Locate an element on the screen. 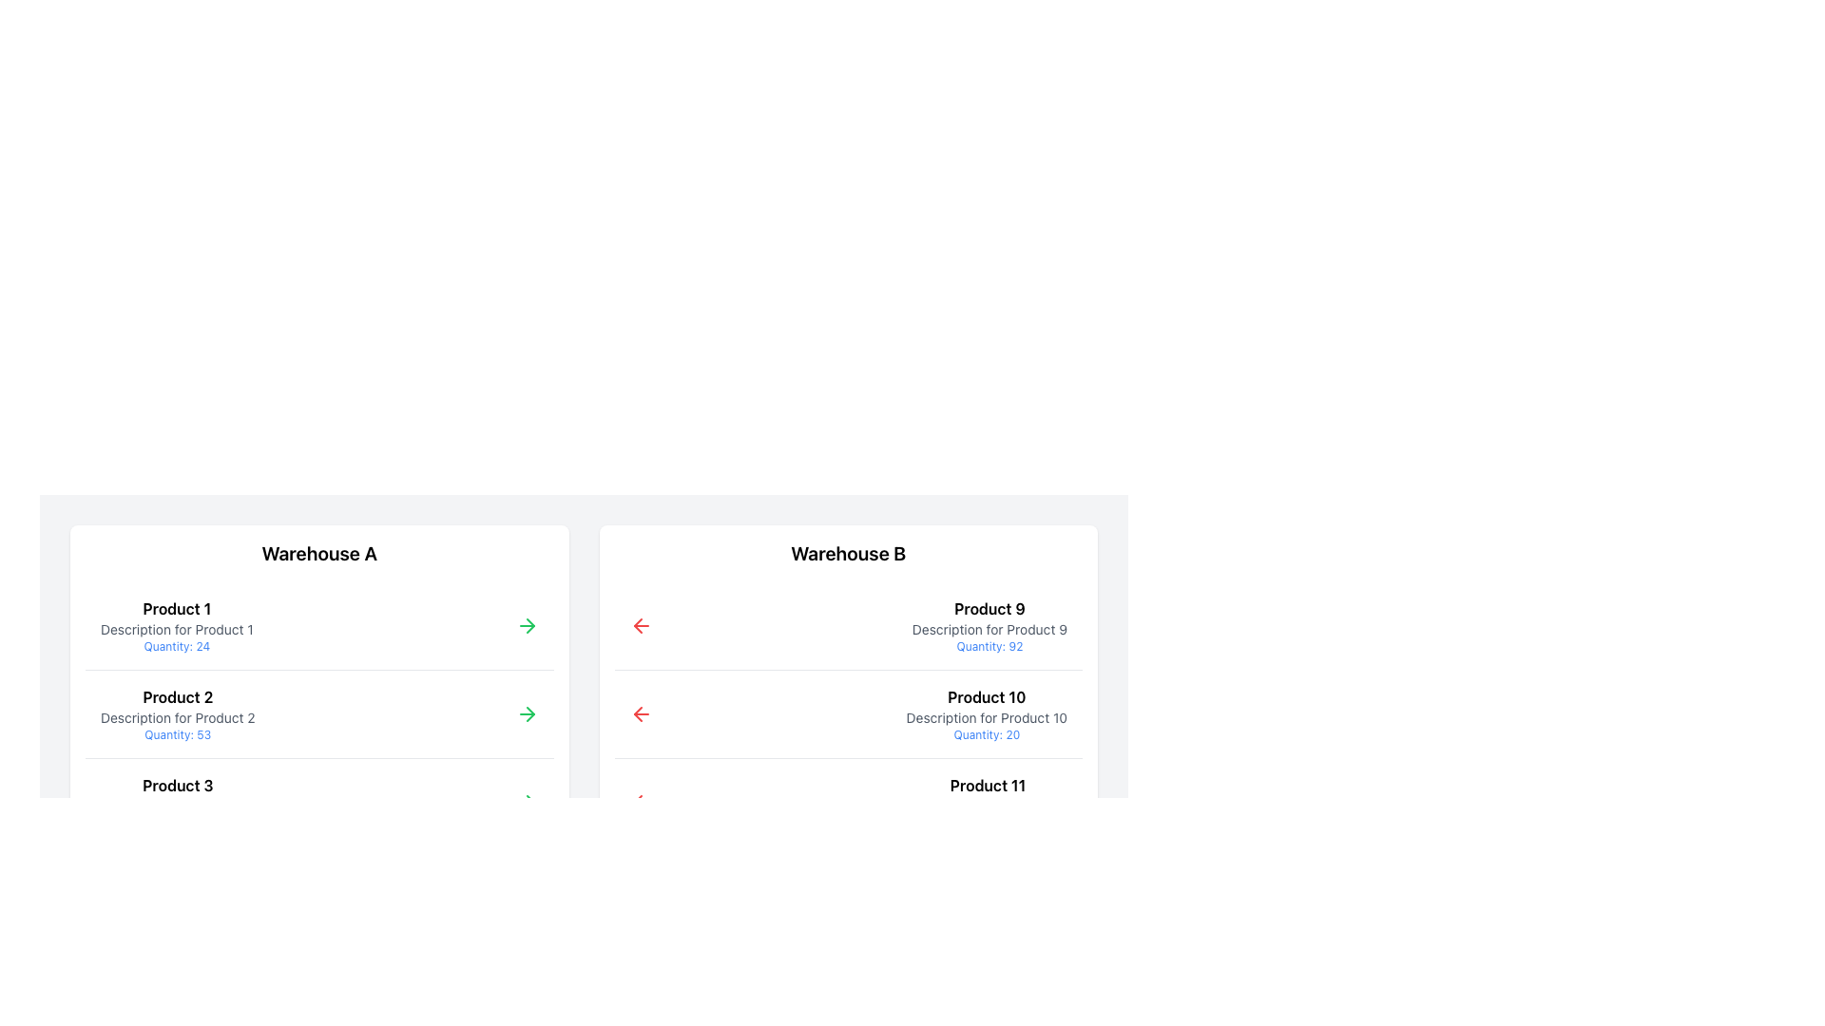 This screenshot has width=1825, height=1026. the interactive Text Display Block displaying product details located in 'Warehouse B', positioned between 'Product 9' and 'Product 11', slightly right of center is located at coordinates (987, 714).